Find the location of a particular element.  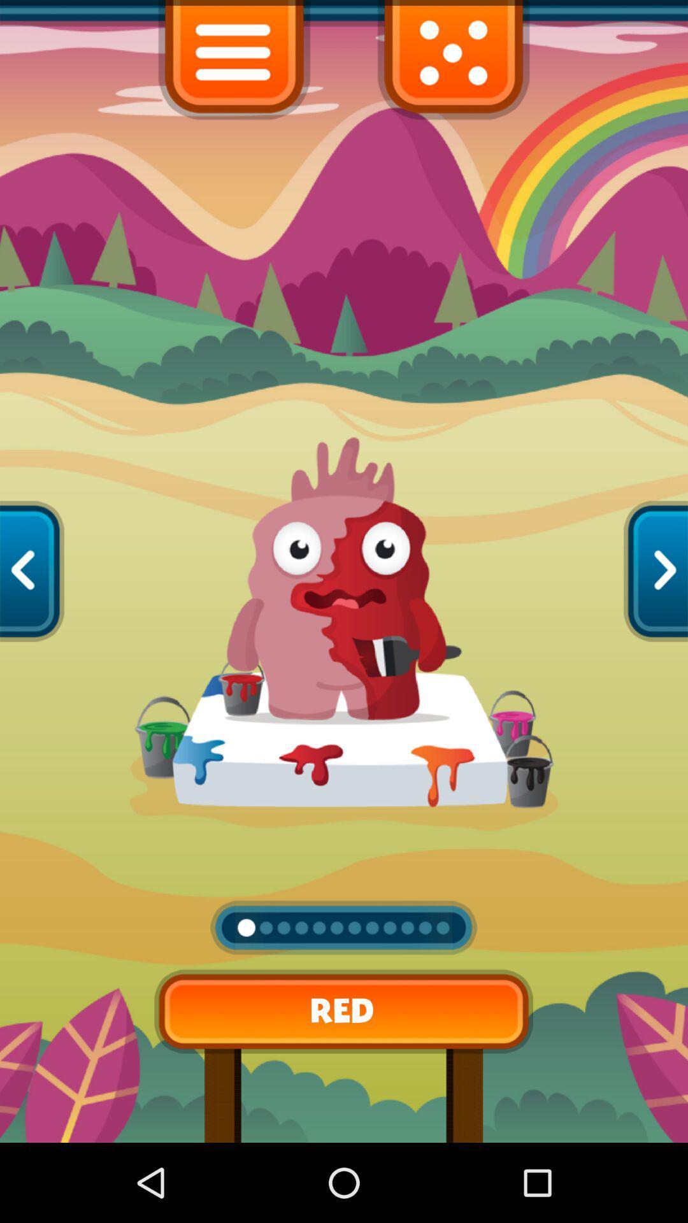

the fullscreen icon is located at coordinates (453, 64).